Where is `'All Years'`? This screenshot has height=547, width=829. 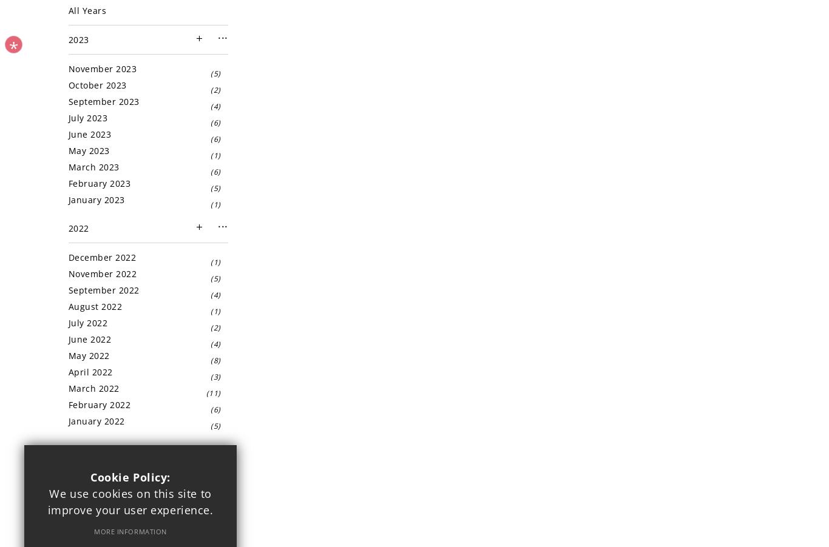 'All Years' is located at coordinates (86, 10).